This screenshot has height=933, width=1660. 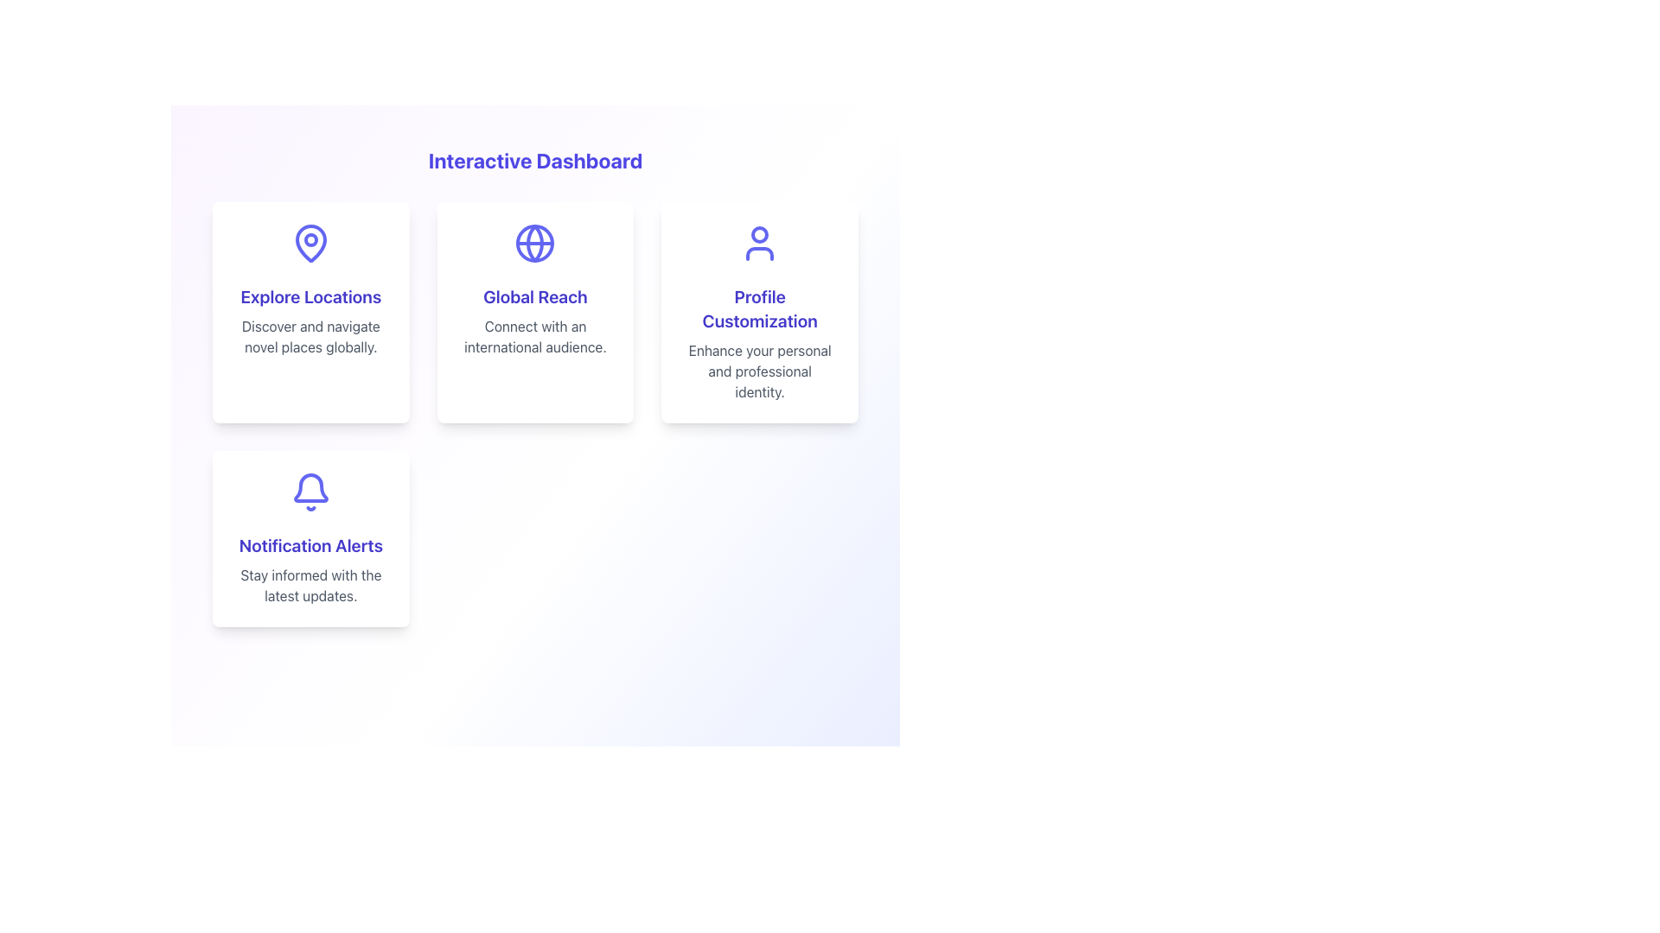 What do you see at coordinates (760, 235) in the screenshot?
I see `the circular SVG element that is part of the user profile icon, located at the top of the icon, which is on the right side of the 'Profile Customization' row` at bounding box center [760, 235].